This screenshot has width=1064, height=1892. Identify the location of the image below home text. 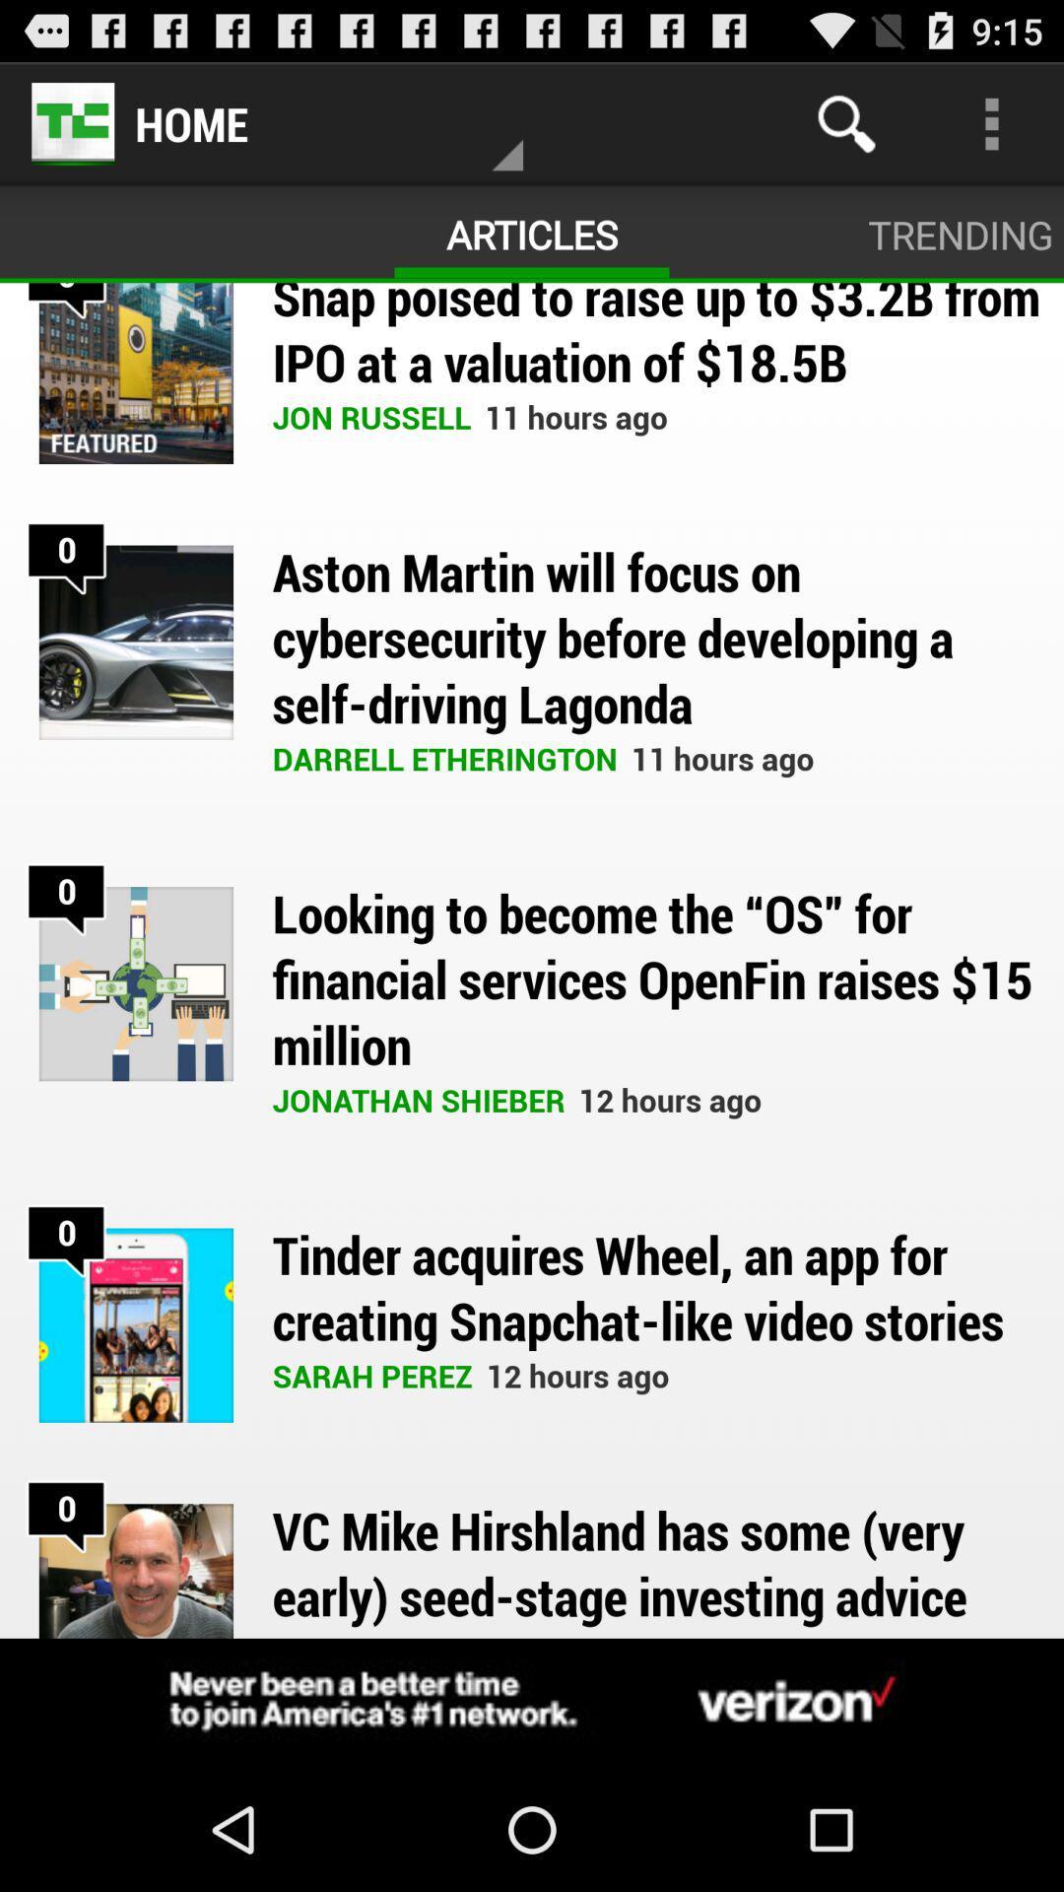
(135, 373).